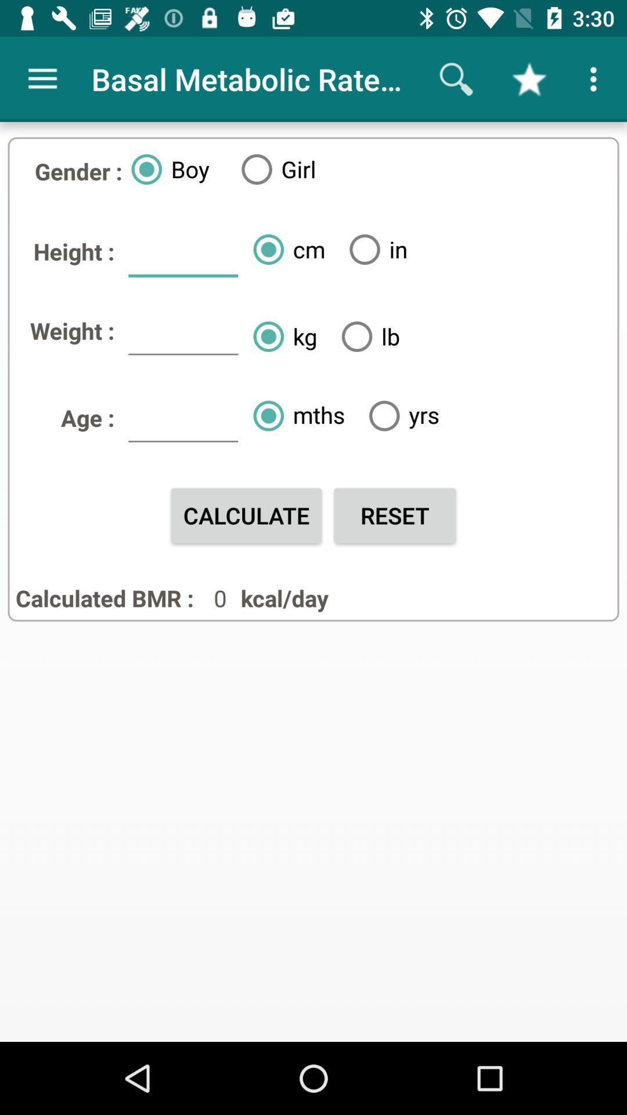  I want to click on the item to the right of the kg item, so click(366, 336).